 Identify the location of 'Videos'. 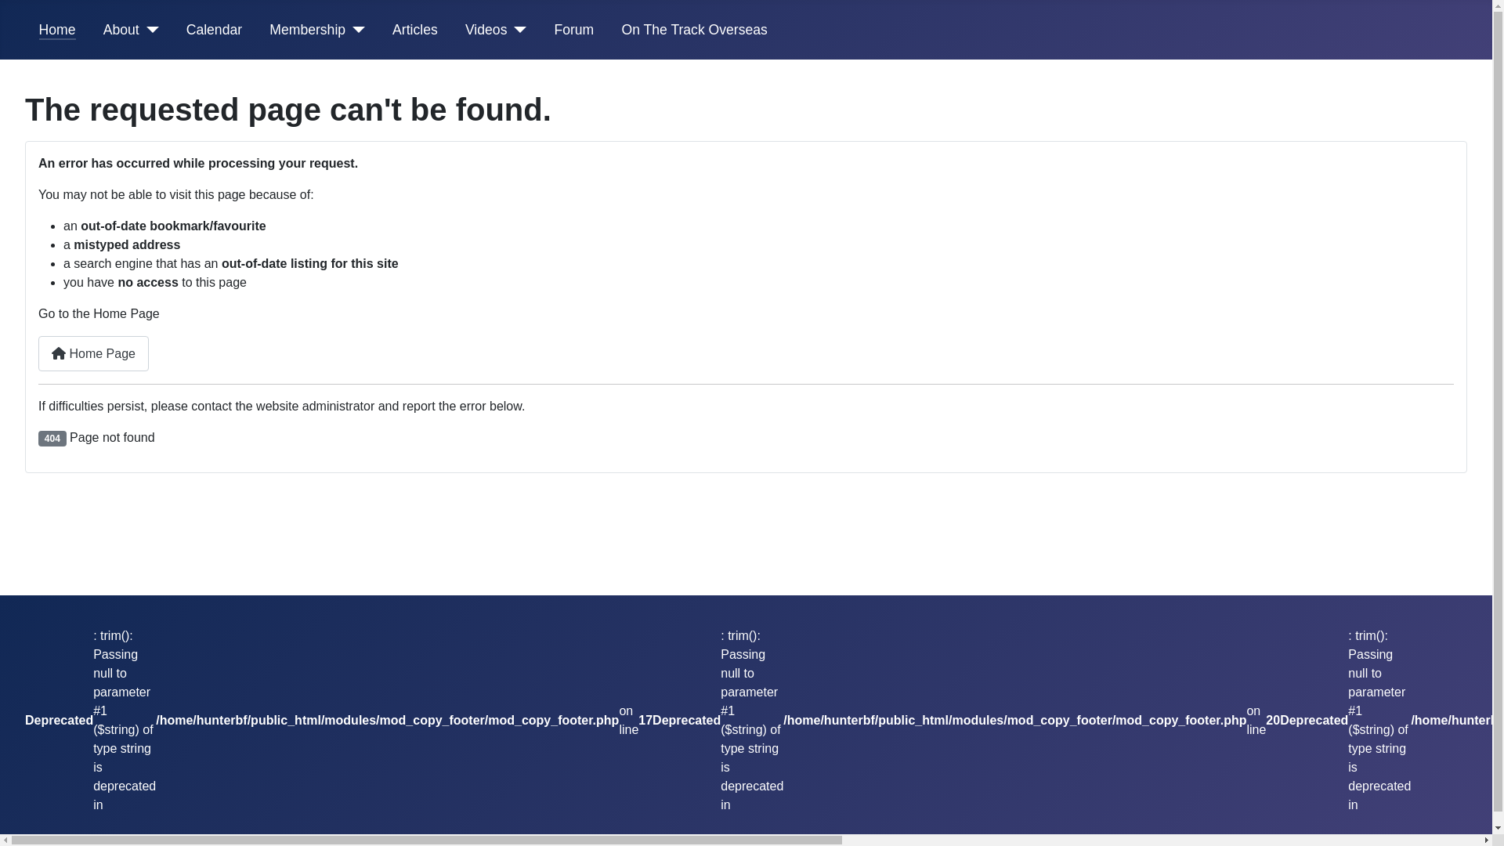
(485, 30).